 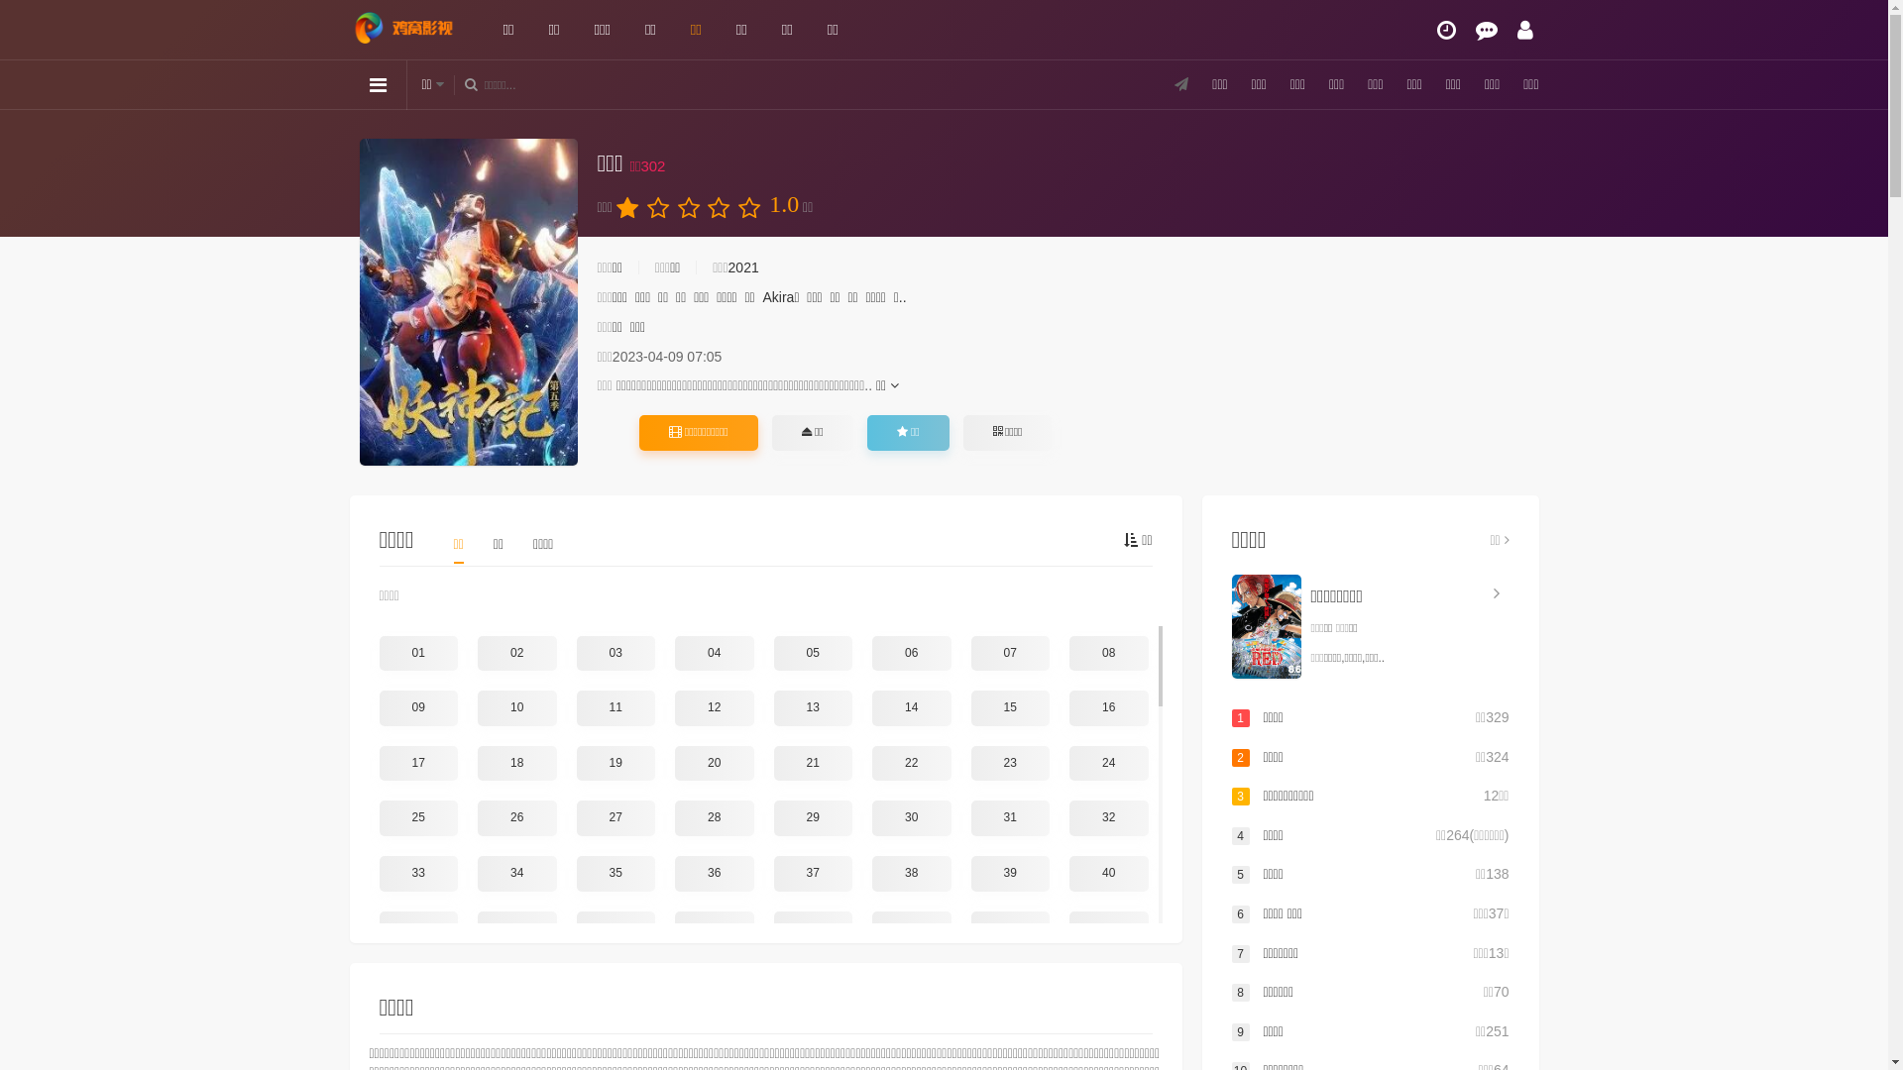 I want to click on '48', so click(x=1107, y=928).